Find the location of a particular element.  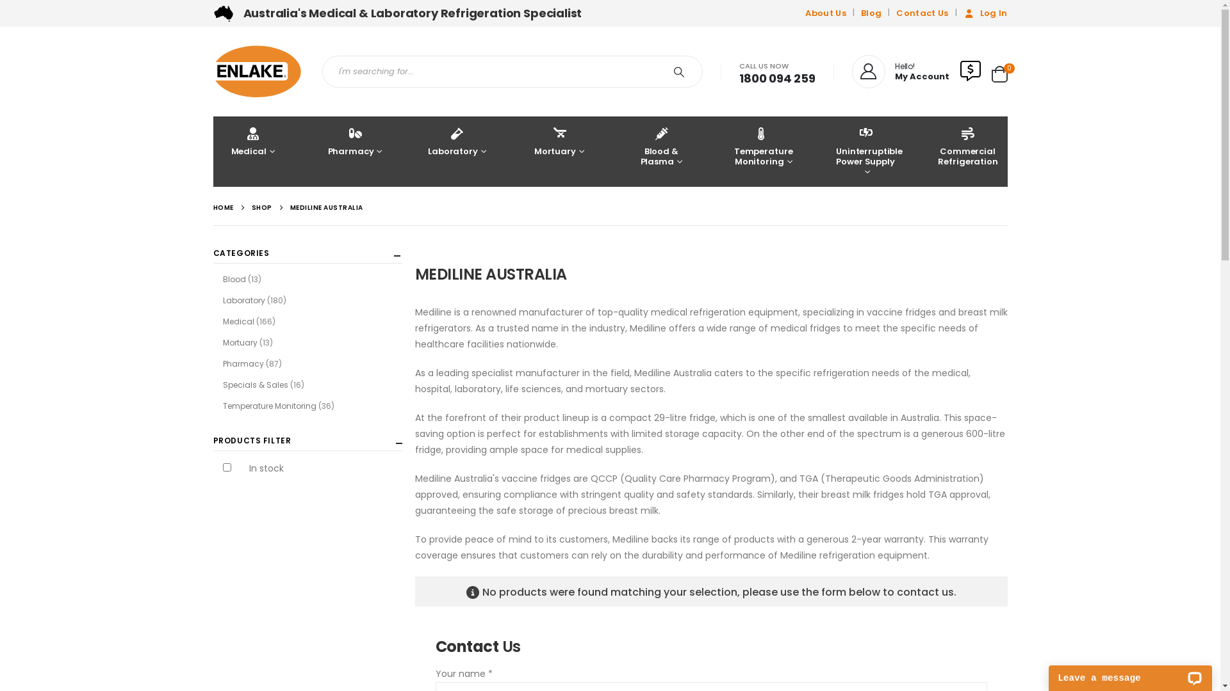

'Mortuary' is located at coordinates (559, 150).